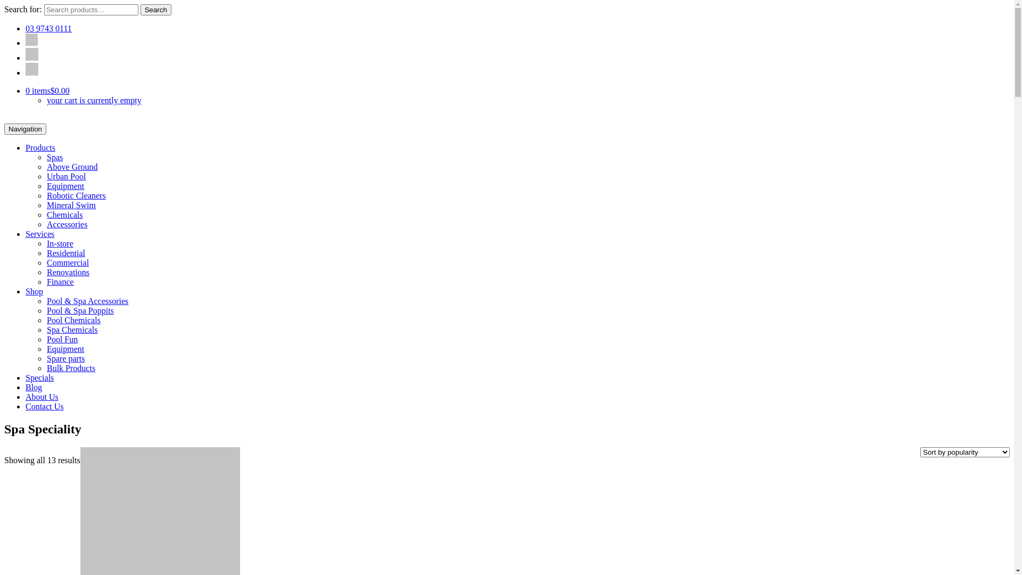  I want to click on 'Specials', so click(39, 377).